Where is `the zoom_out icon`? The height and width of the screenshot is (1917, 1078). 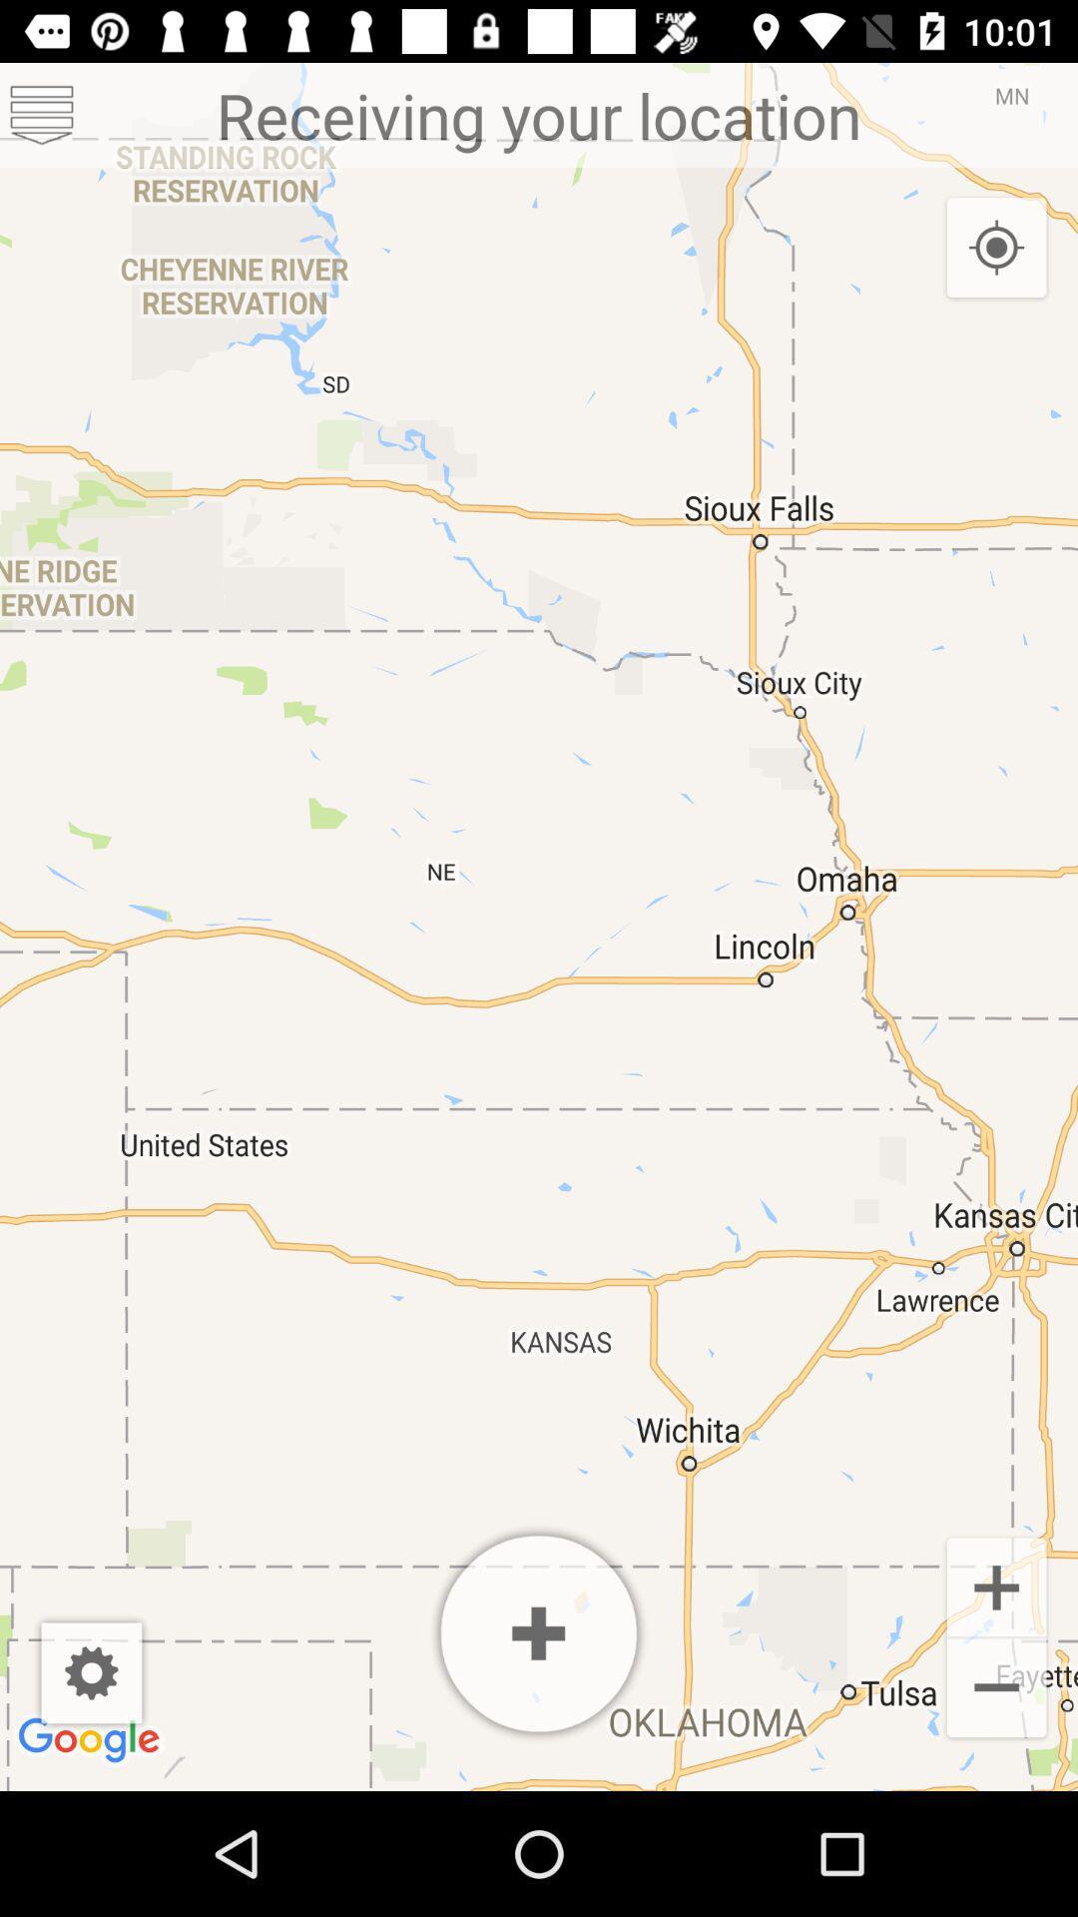
the zoom_out icon is located at coordinates (996, 1689).